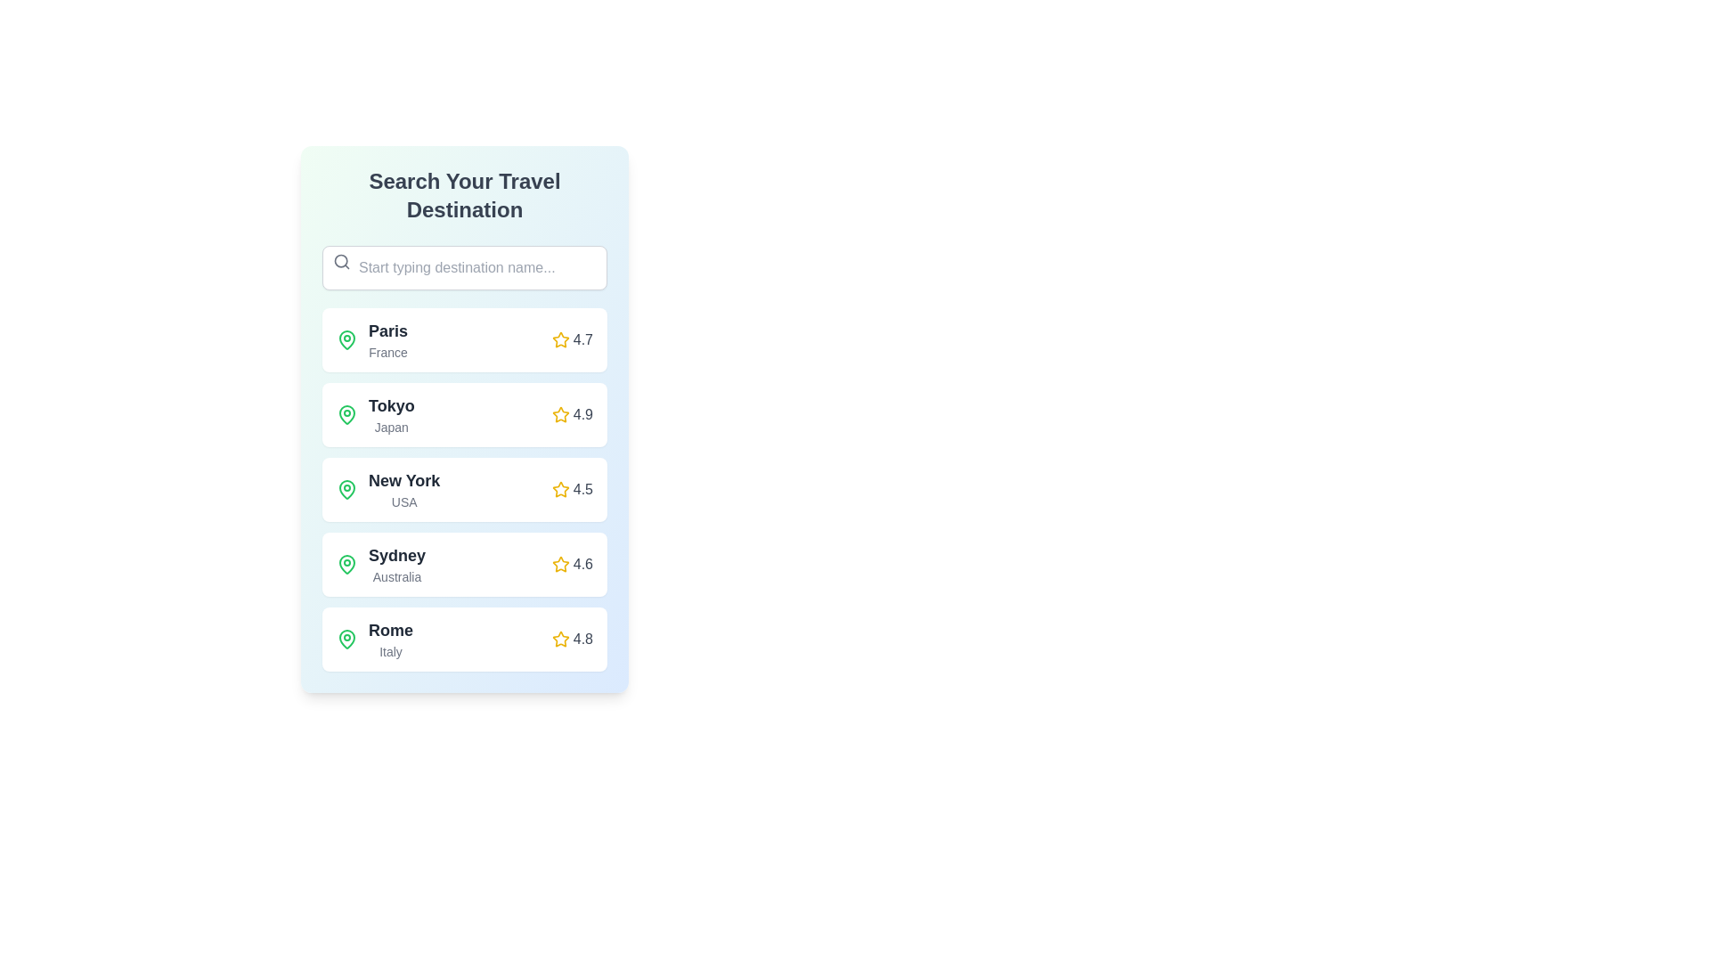 The width and height of the screenshot is (1710, 962). What do you see at coordinates (346, 339) in the screenshot?
I see `the leftmost icon associated with the label 'Paris France' in the vertical list of destinations` at bounding box center [346, 339].